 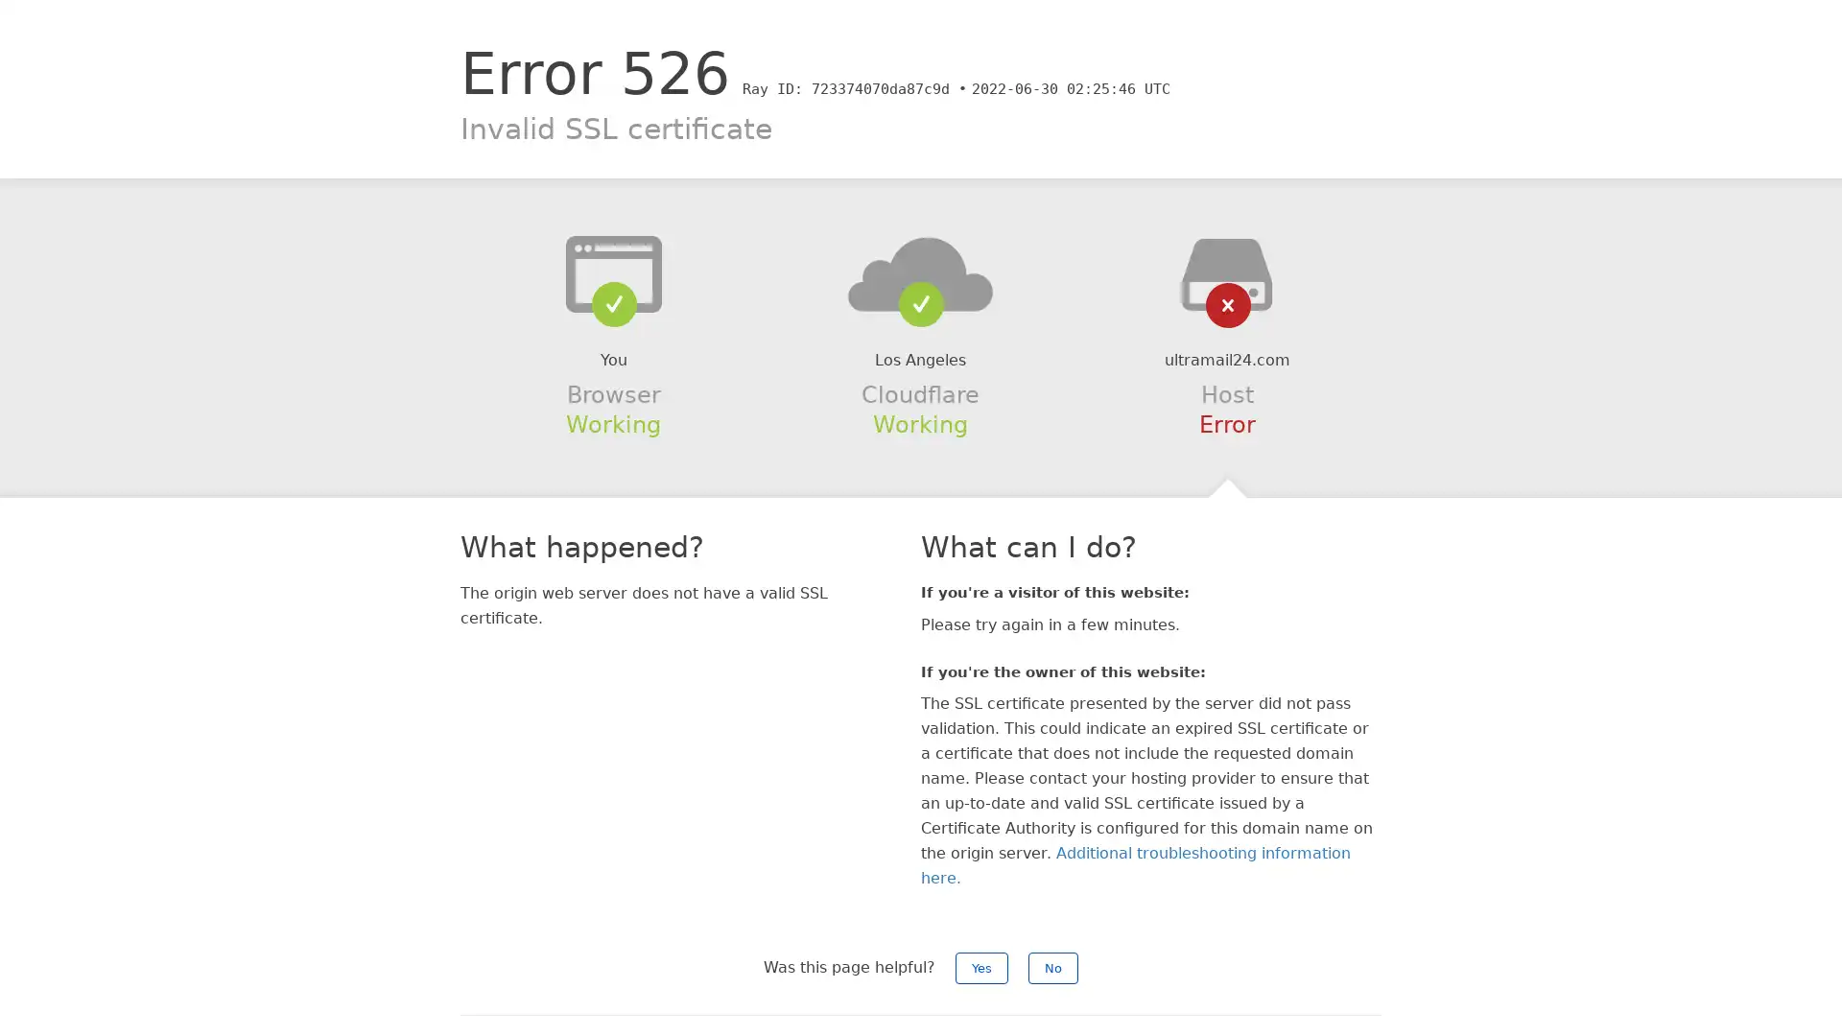 I want to click on Yes, so click(x=981, y=968).